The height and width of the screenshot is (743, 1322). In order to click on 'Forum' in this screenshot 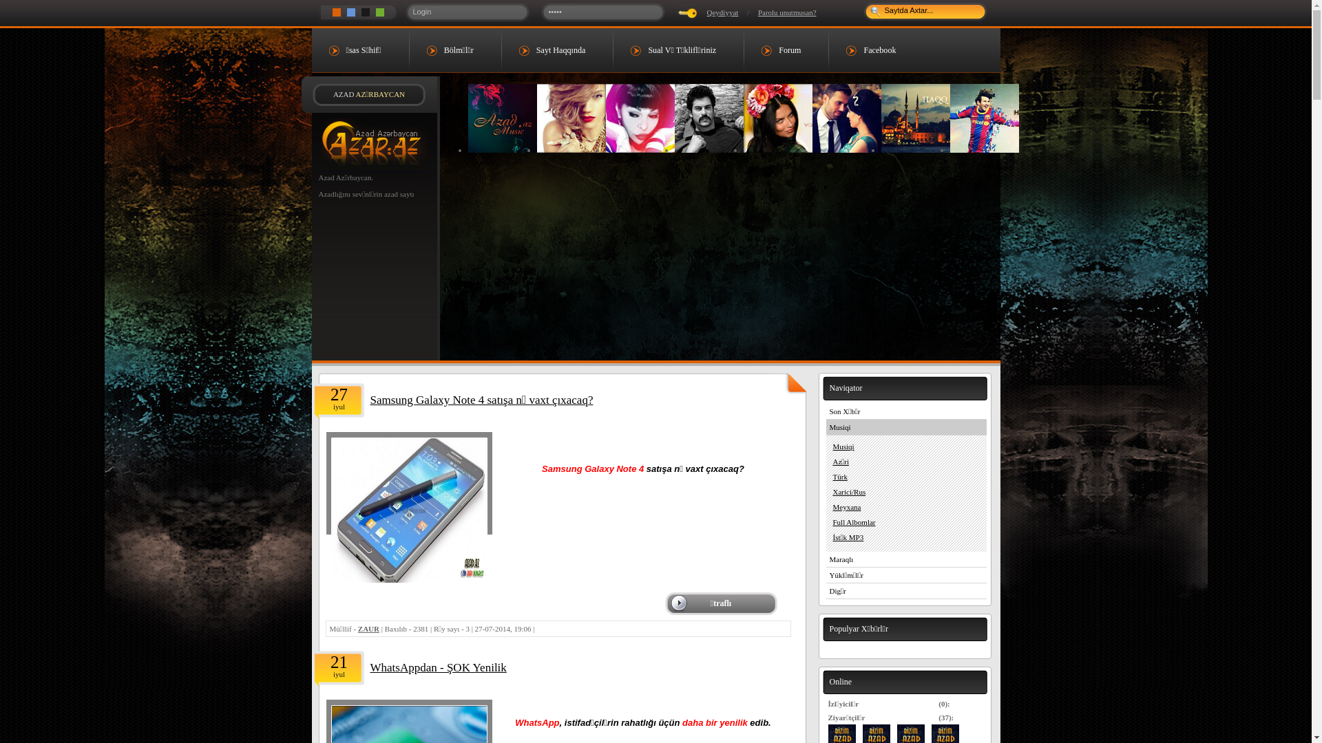, I will do `click(786, 50)`.